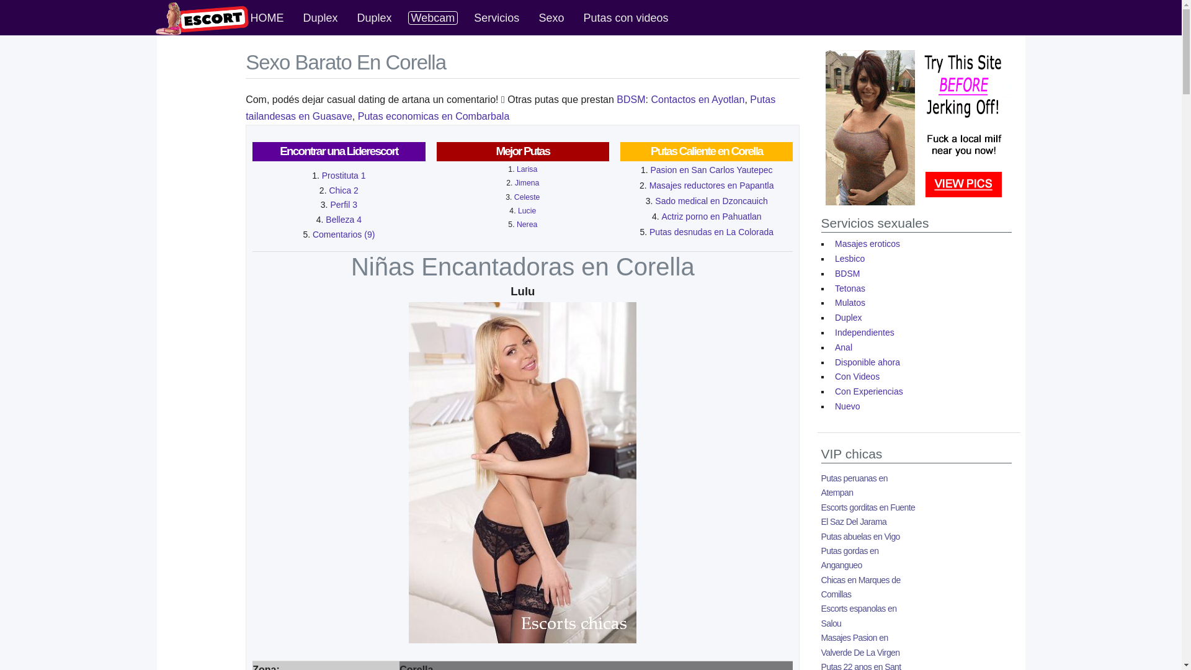  Describe the element at coordinates (821, 644) in the screenshot. I see `'Masajes Pasion en Valverde De La Virgen'` at that location.